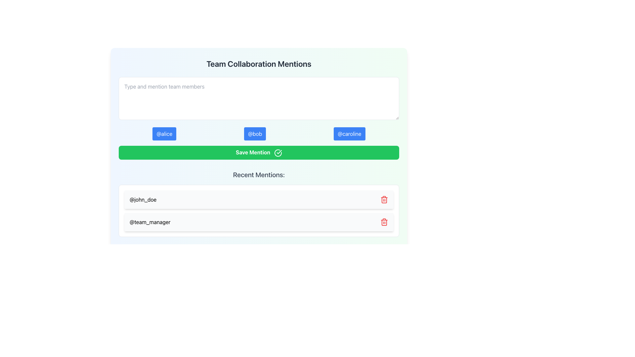 The width and height of the screenshot is (635, 357). I want to click on the text label displaying the username '@john_doe' in the 'Recent Mentions' section, which is located to the left of an interactive red-colored icon, so click(143, 199).